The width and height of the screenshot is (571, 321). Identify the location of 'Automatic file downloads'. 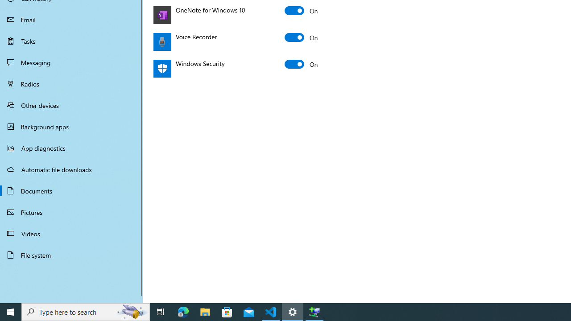
(71, 169).